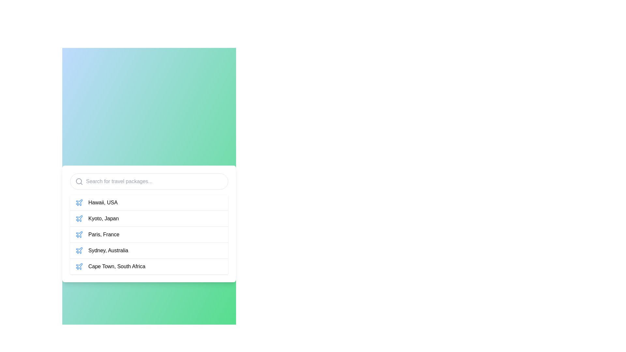 The height and width of the screenshot is (352, 626). I want to click on to select the destination 'Paris, France' from the list of travel destinations, which is the third item in the list, so click(149, 235).